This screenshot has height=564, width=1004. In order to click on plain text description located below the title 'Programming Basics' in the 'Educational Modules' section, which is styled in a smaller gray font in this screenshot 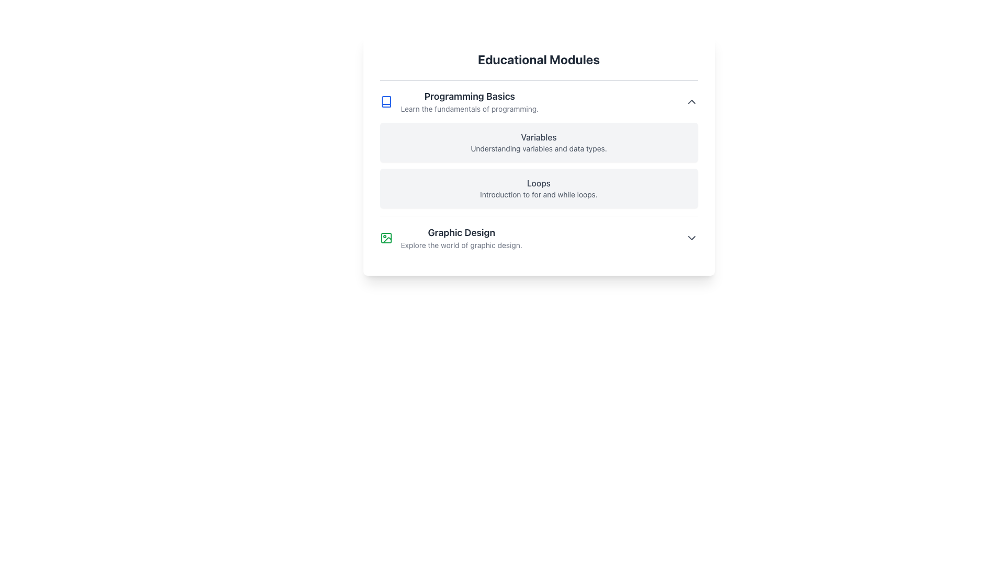, I will do `click(469, 109)`.